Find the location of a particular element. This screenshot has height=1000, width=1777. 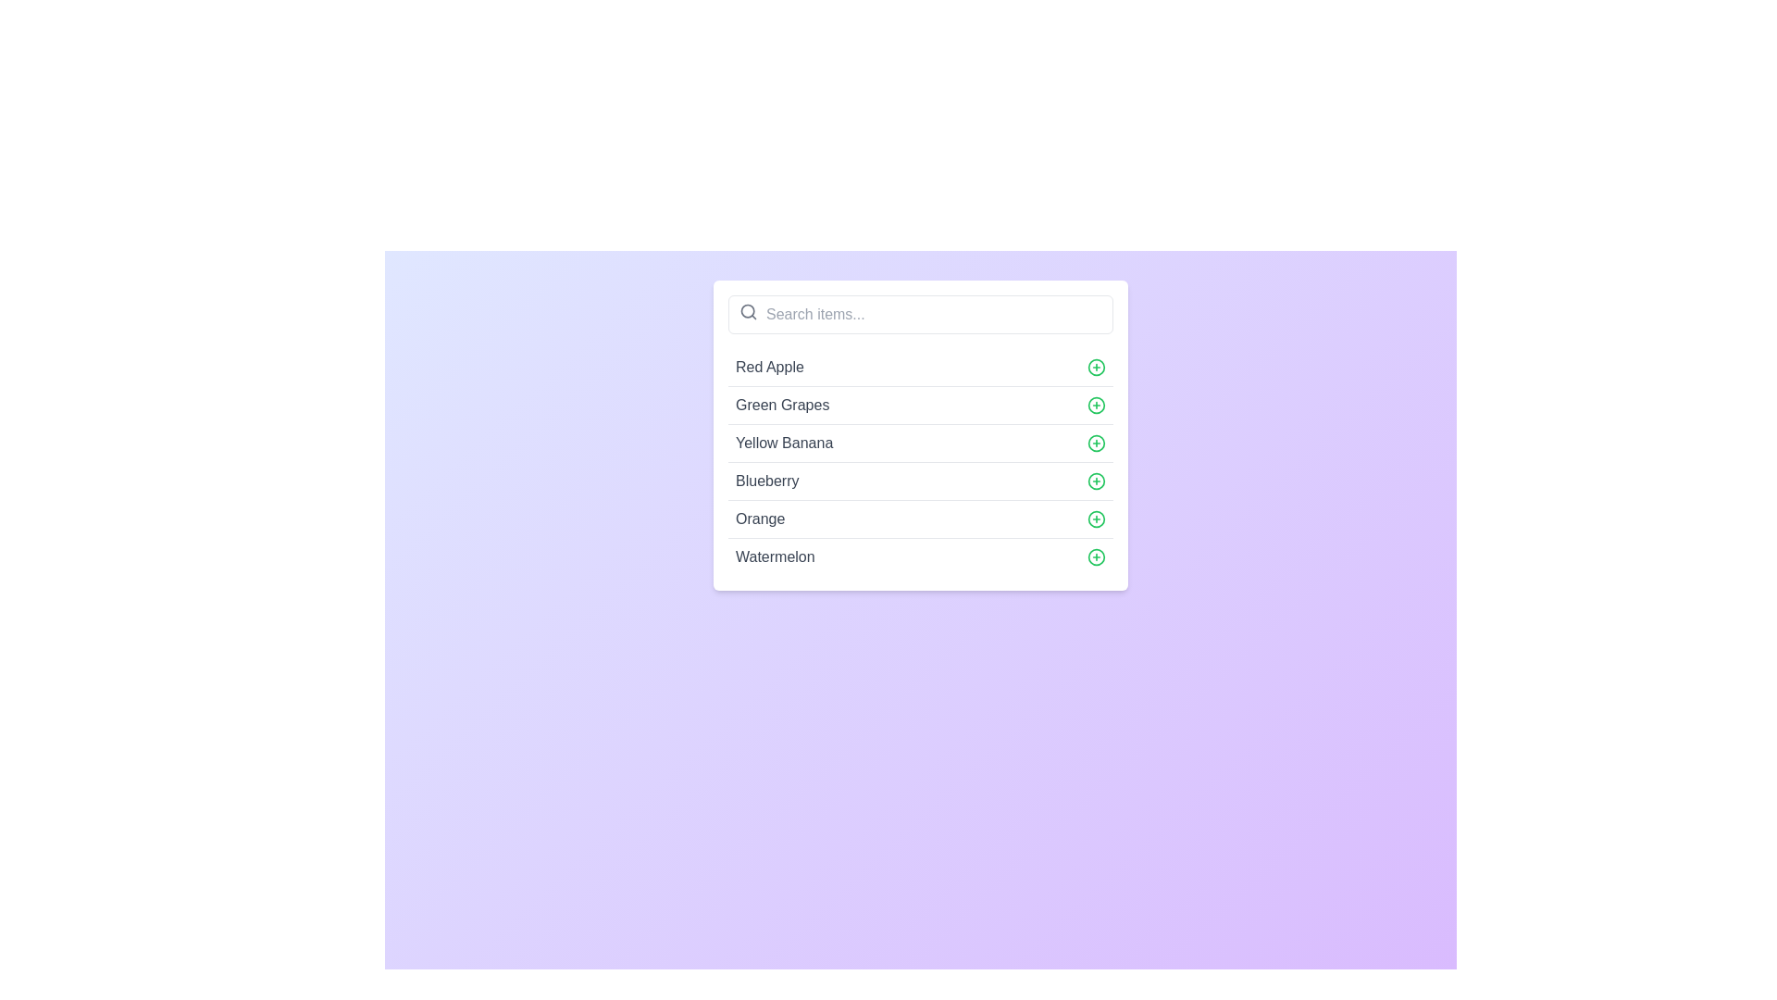

the text label displaying 'Orange' in gray color, which is positioned within the fifth item of a vertical list of selectable options is located at coordinates (760, 519).